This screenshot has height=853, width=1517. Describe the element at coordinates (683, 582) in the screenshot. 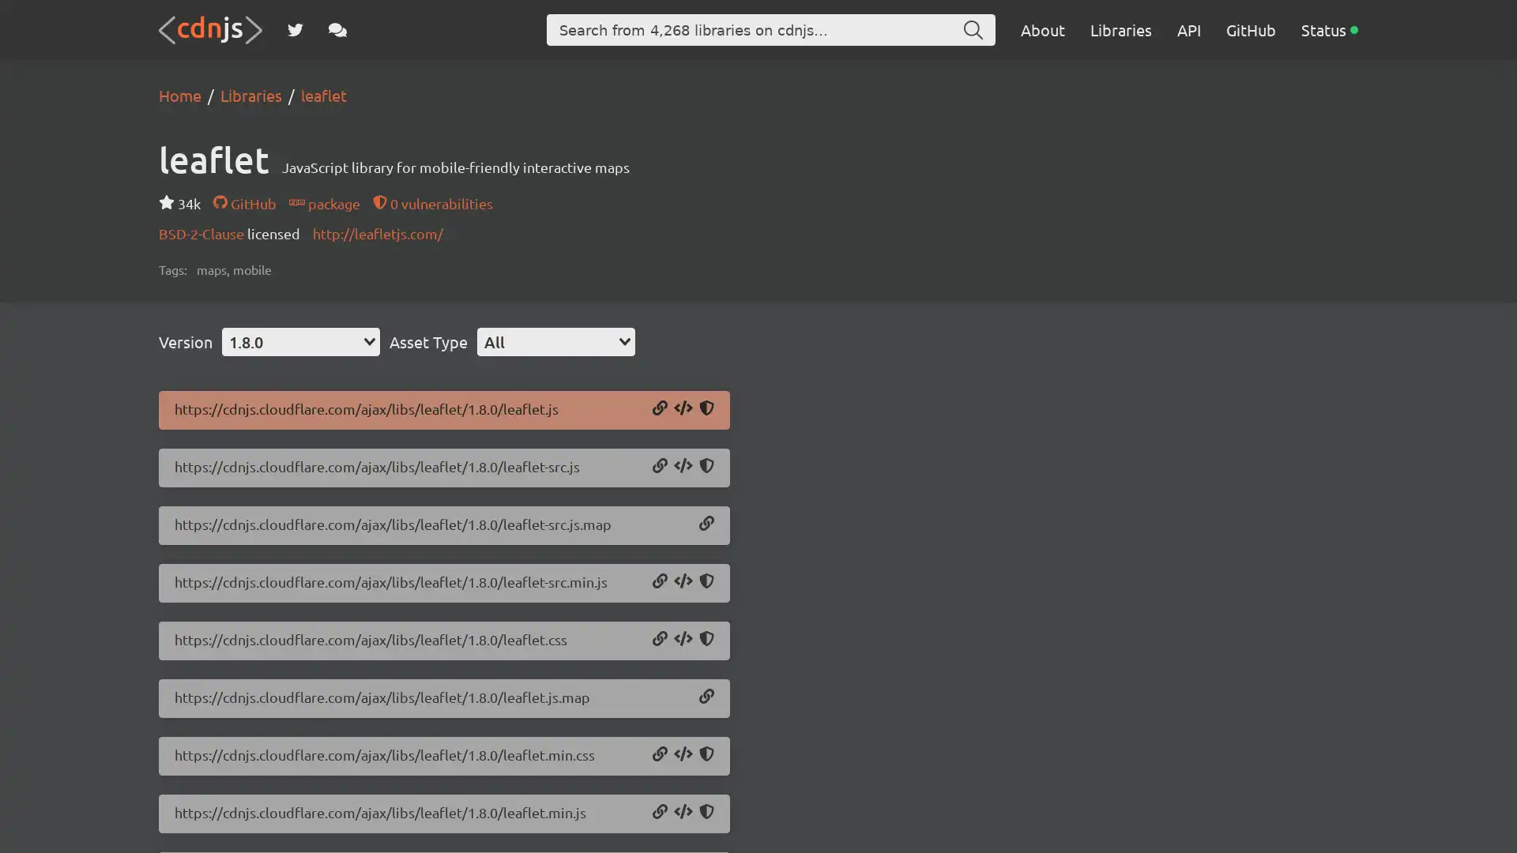

I see `Copy Script Tag` at that location.